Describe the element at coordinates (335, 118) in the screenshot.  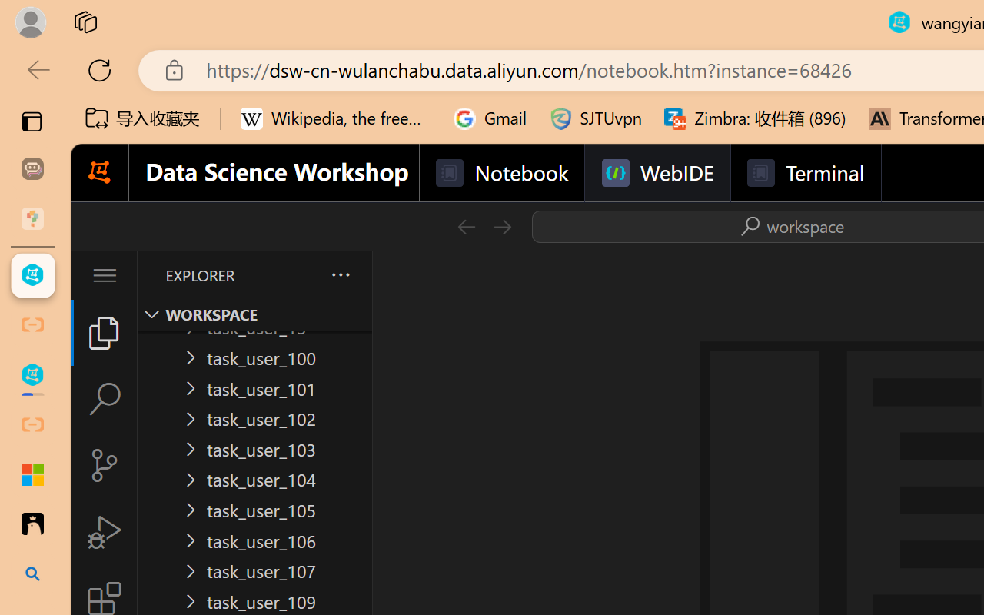
I see `'Wikipedia, the free encyclopedia'` at that location.